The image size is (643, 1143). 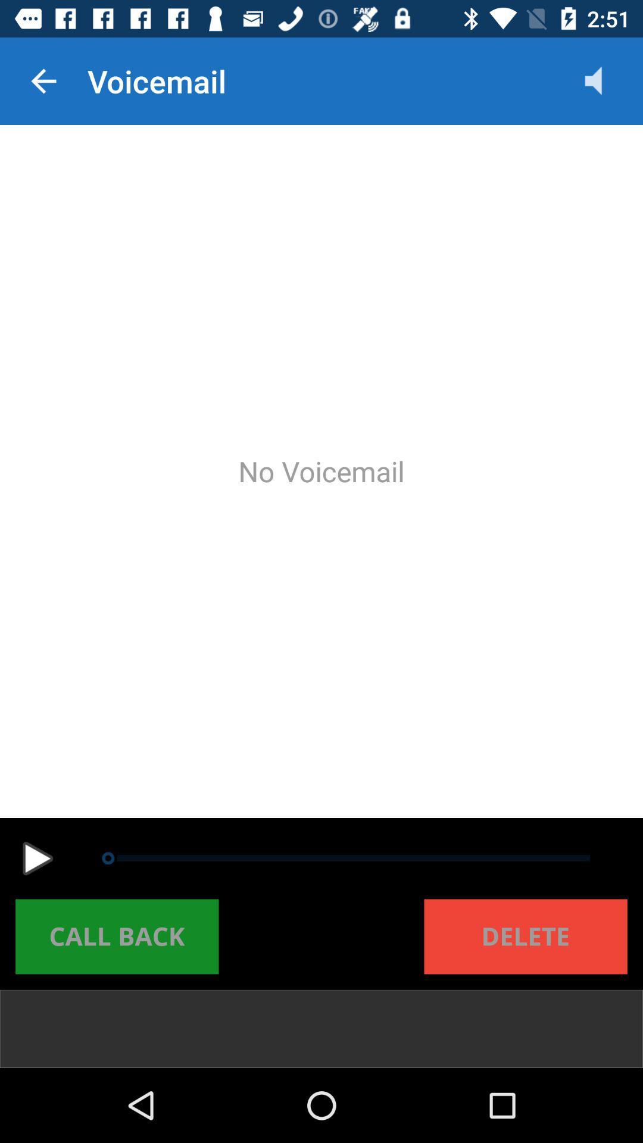 I want to click on the item next to the voicemail item, so click(x=43, y=80).